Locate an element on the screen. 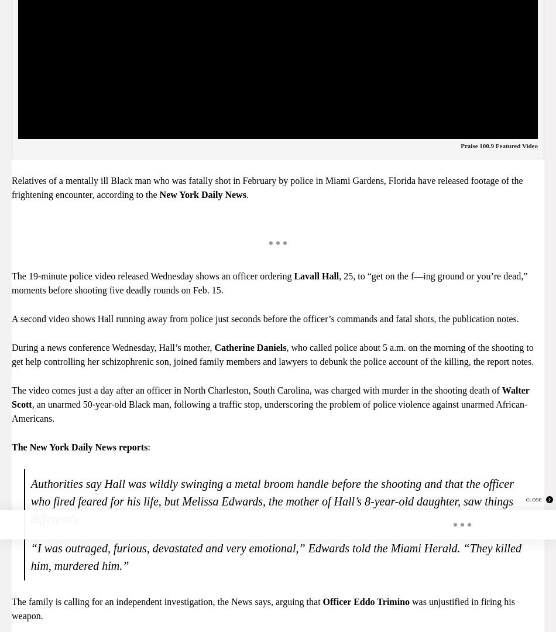 The height and width of the screenshot is (632, 556). ':' is located at coordinates (148, 446).